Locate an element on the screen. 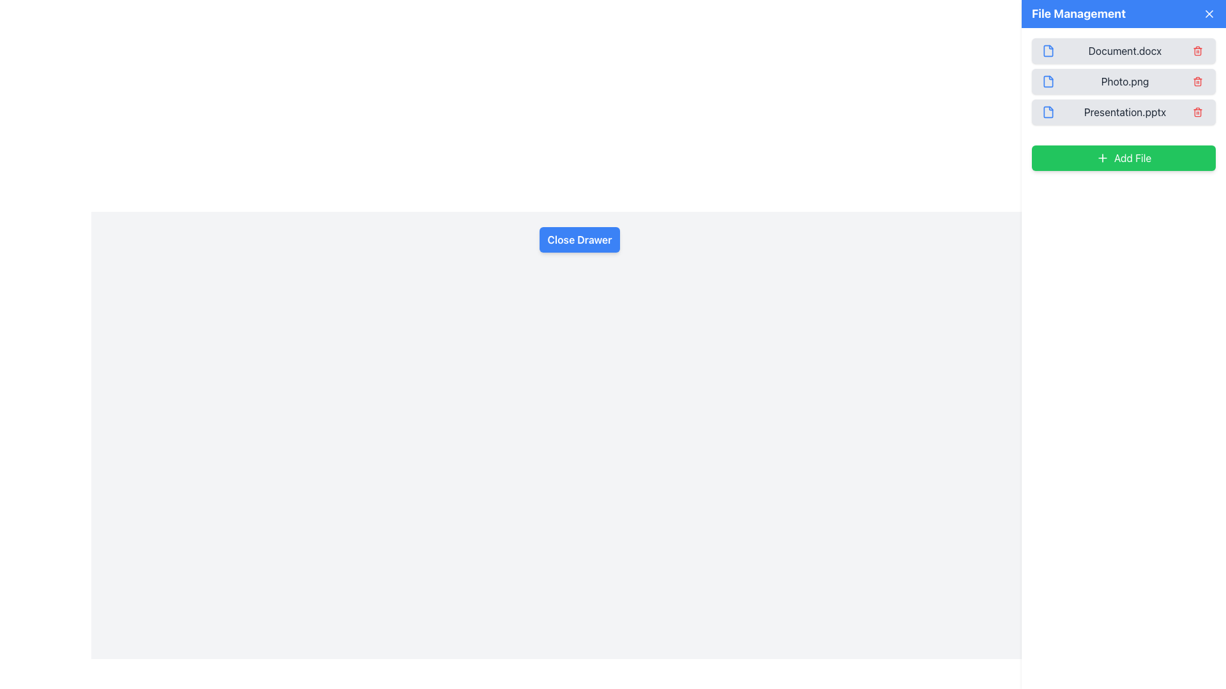 The image size is (1226, 689). the delete button icon located at the far right side of the row, which is associated with the file named 'Photo.png' is located at coordinates (1197, 81).